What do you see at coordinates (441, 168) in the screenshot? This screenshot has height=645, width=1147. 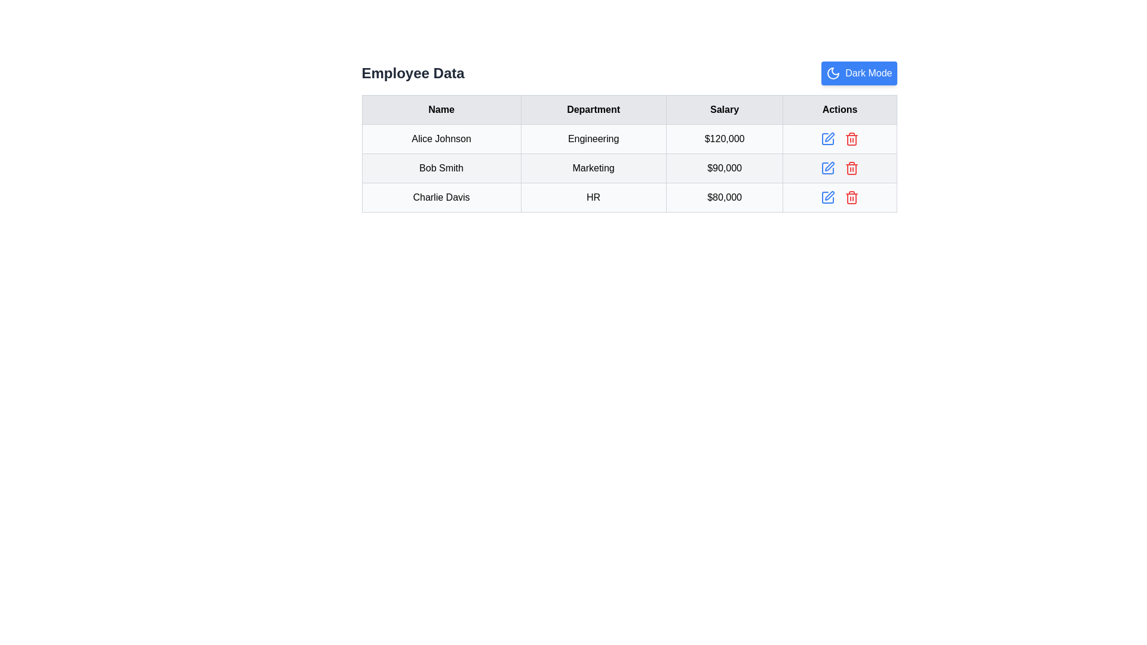 I see `the text label displaying 'Bob Smith' in the second row and first column of the table, which is located below 'Alice Johnson' and to the left of 'Marketing'` at bounding box center [441, 168].